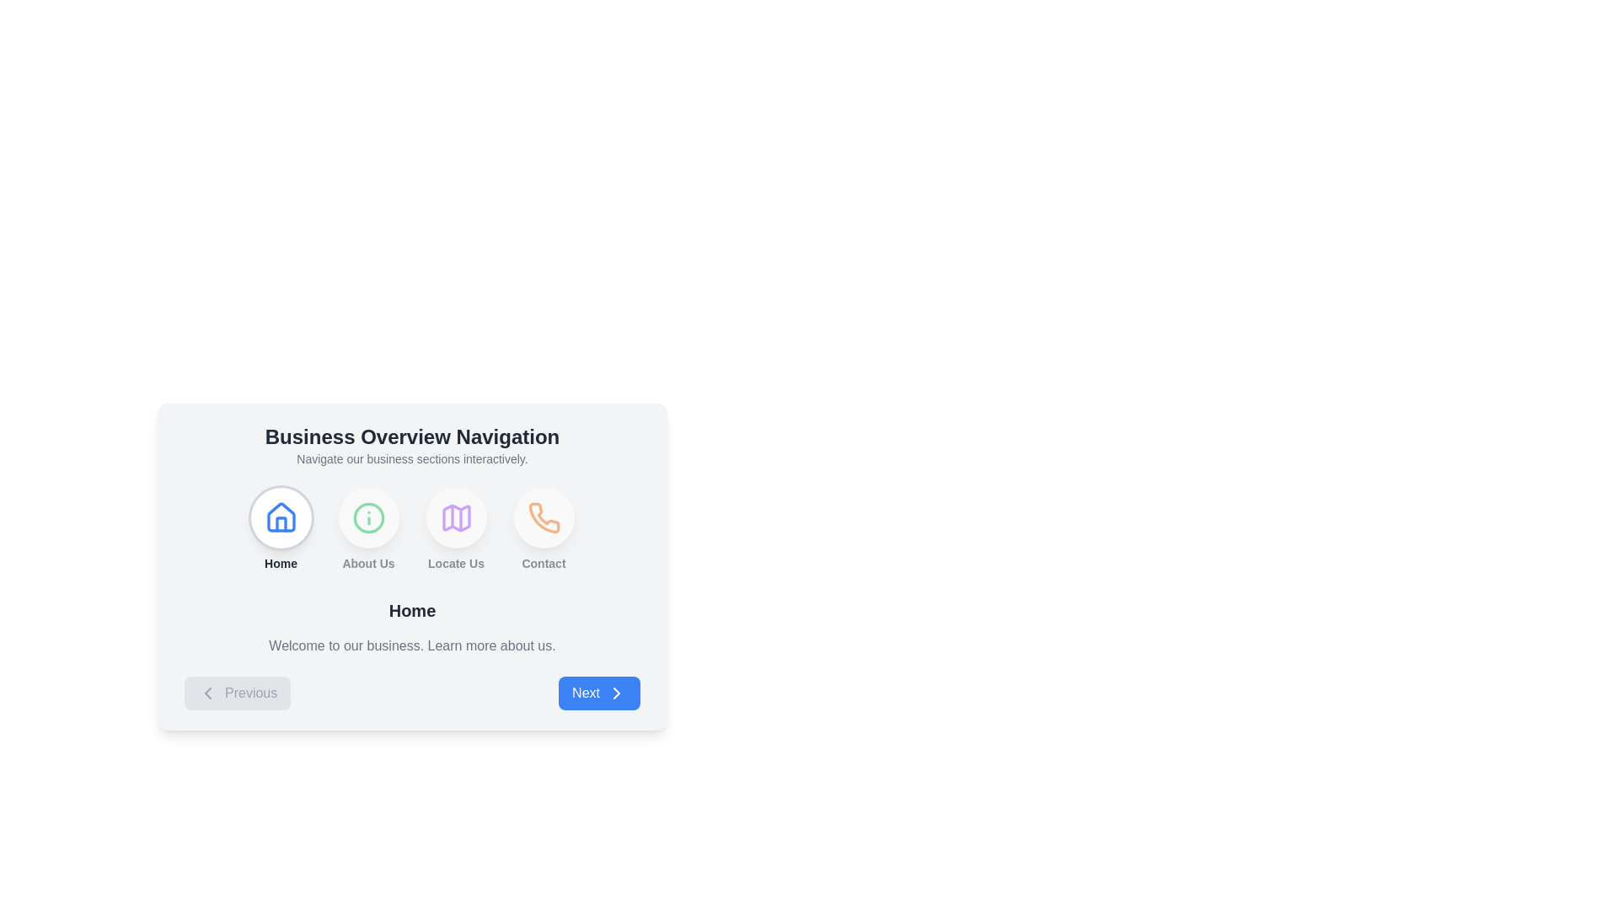  Describe the element at coordinates (544, 563) in the screenshot. I see `the fourth label in the navigation options that describes contact-related functionalities, located below the orange phone icon` at that location.